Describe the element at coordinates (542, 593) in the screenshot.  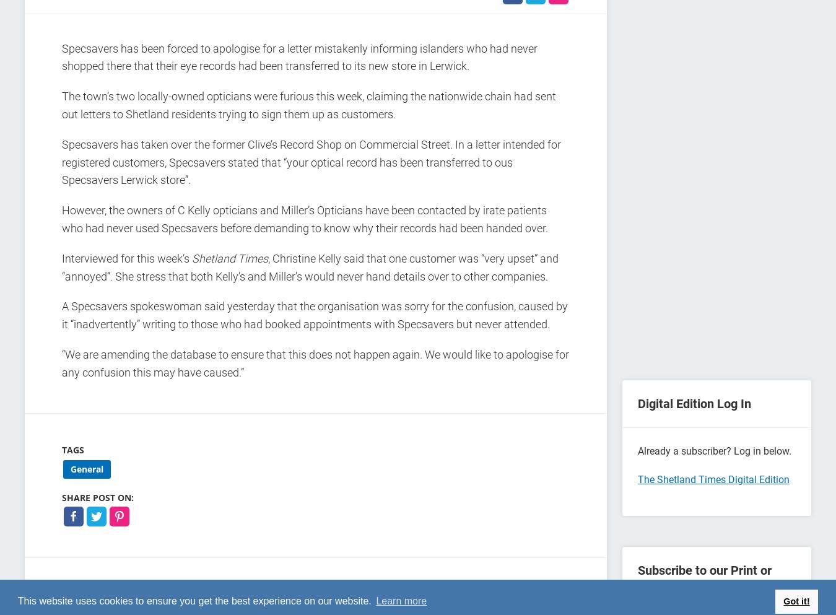
I see `'NEXT STORY:'` at that location.